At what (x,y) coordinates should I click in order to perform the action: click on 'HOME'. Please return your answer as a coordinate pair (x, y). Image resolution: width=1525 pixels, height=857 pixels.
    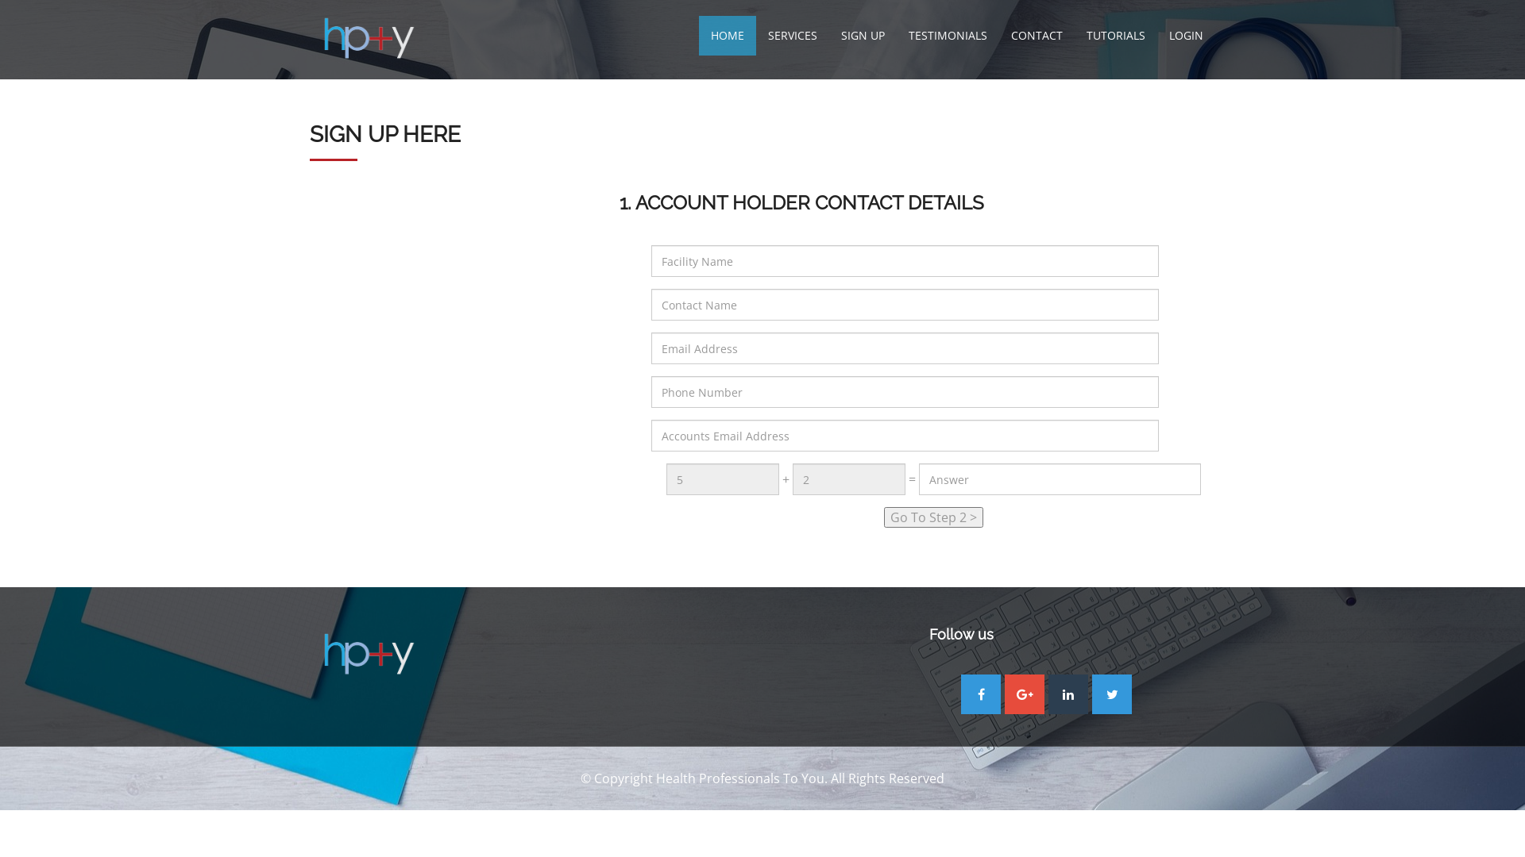
    Looking at the image, I should click on (698, 36).